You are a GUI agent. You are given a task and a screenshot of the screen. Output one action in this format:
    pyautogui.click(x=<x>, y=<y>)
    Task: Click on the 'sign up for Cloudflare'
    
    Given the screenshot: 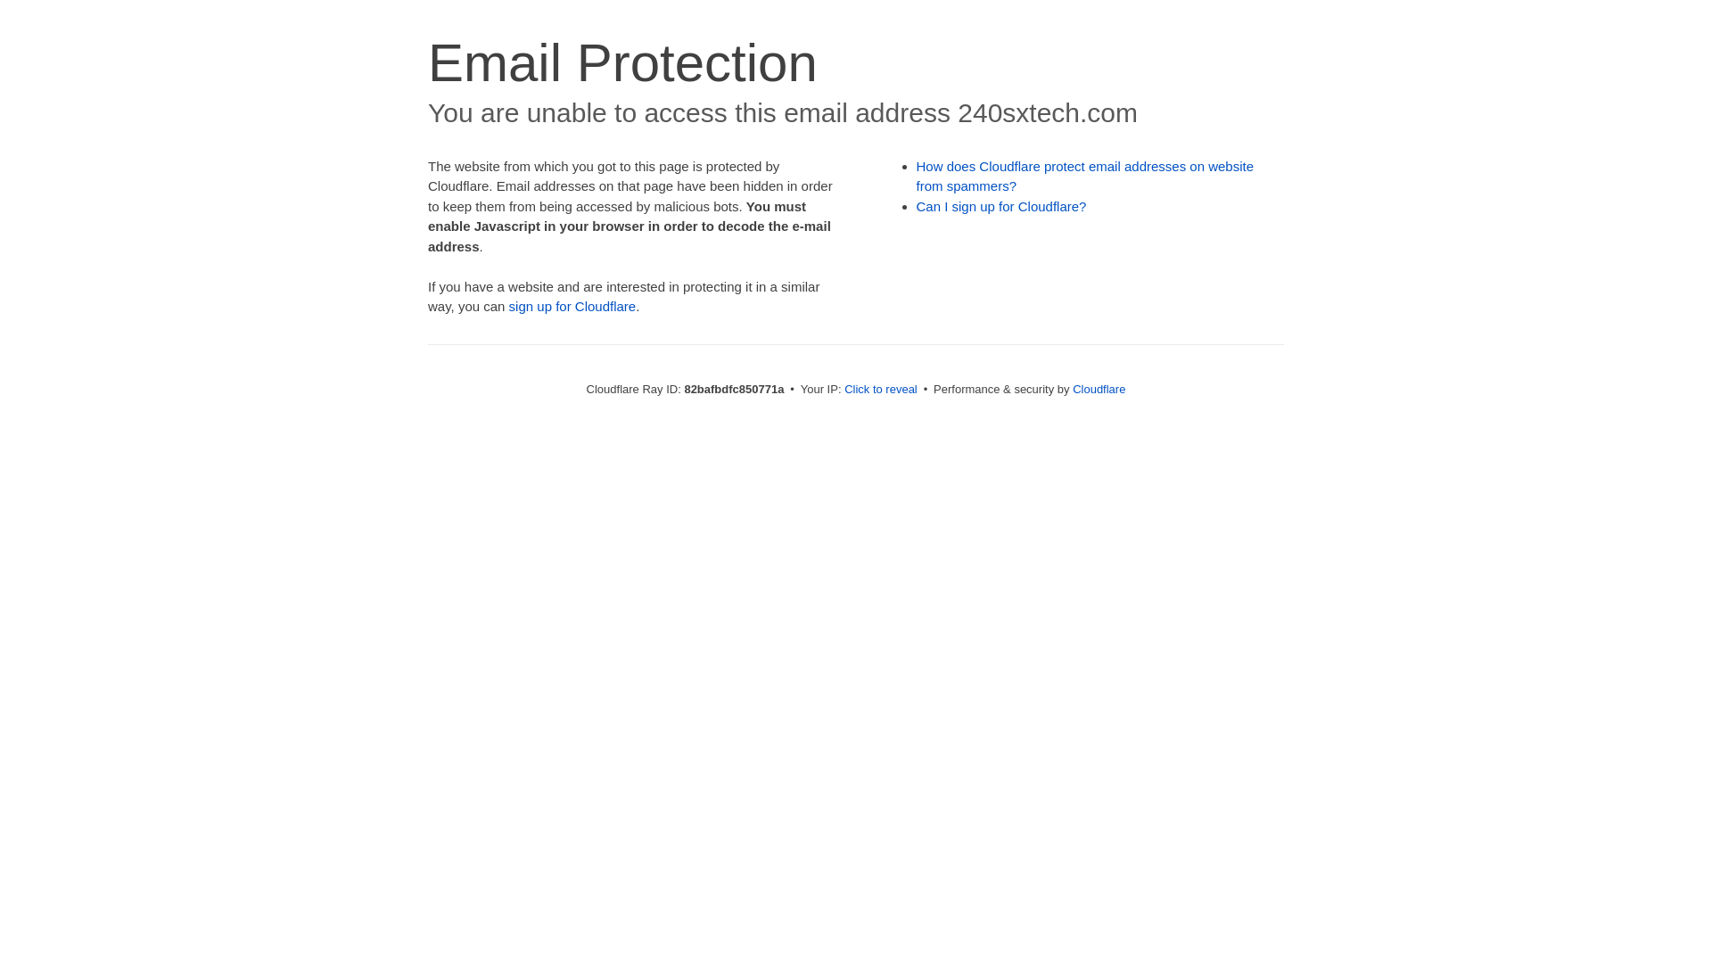 What is the action you would take?
    pyautogui.click(x=572, y=305)
    